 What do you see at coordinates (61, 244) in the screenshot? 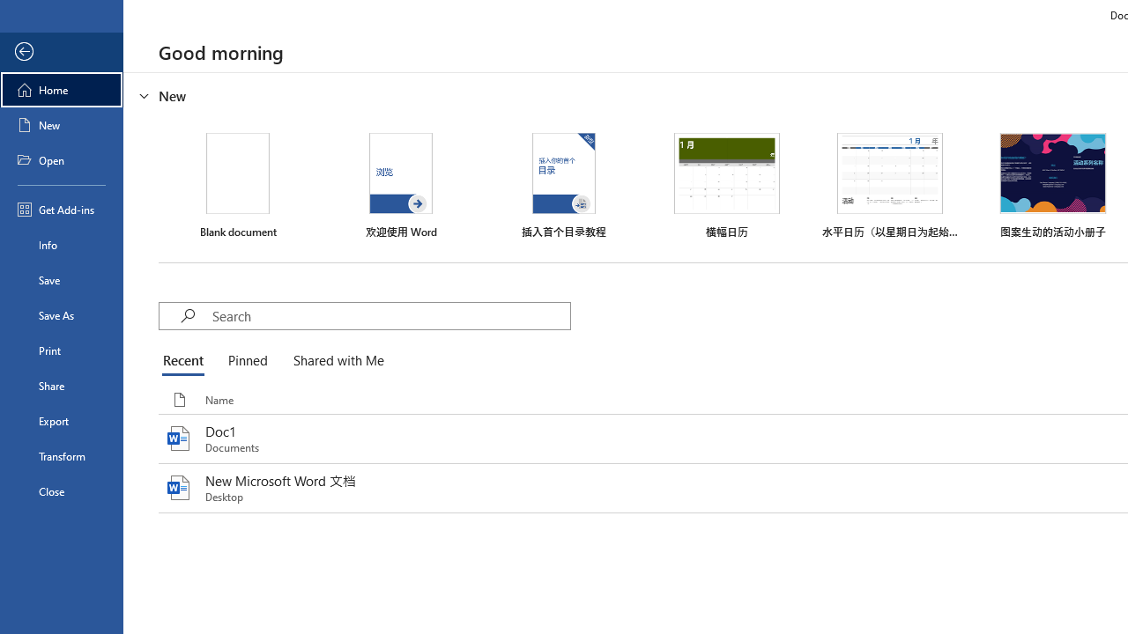
I see `'Info'` at bounding box center [61, 244].